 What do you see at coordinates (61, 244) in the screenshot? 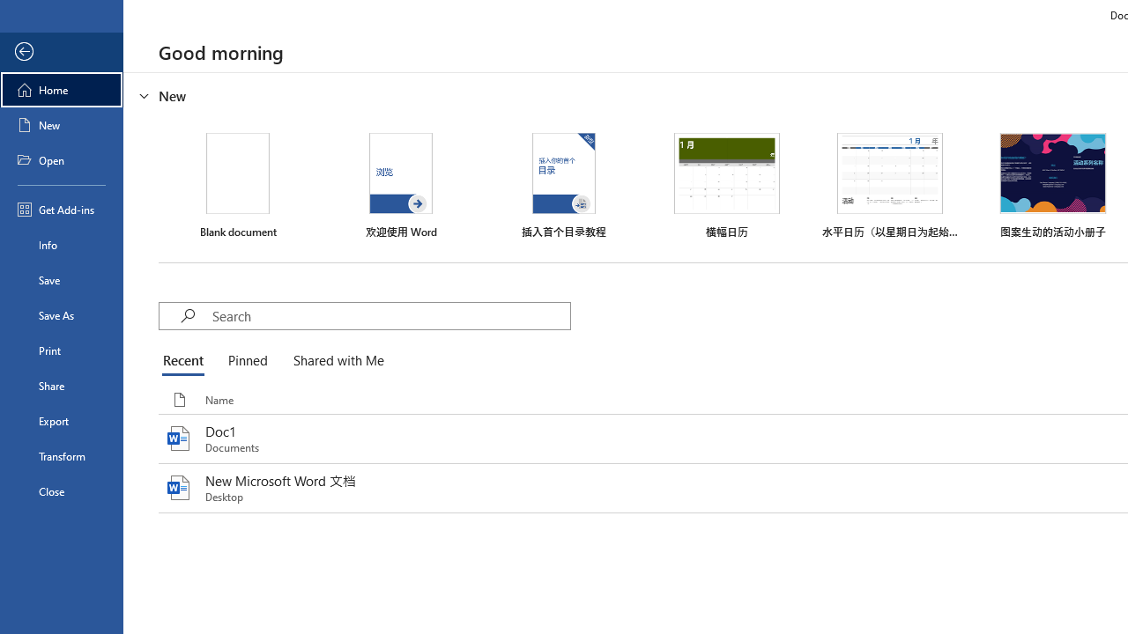
I see `'Info'` at bounding box center [61, 244].